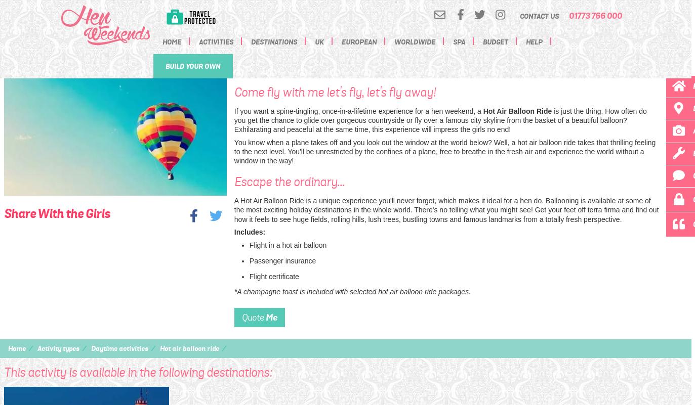  Describe the element at coordinates (358, 41) in the screenshot. I see `'European'` at that location.